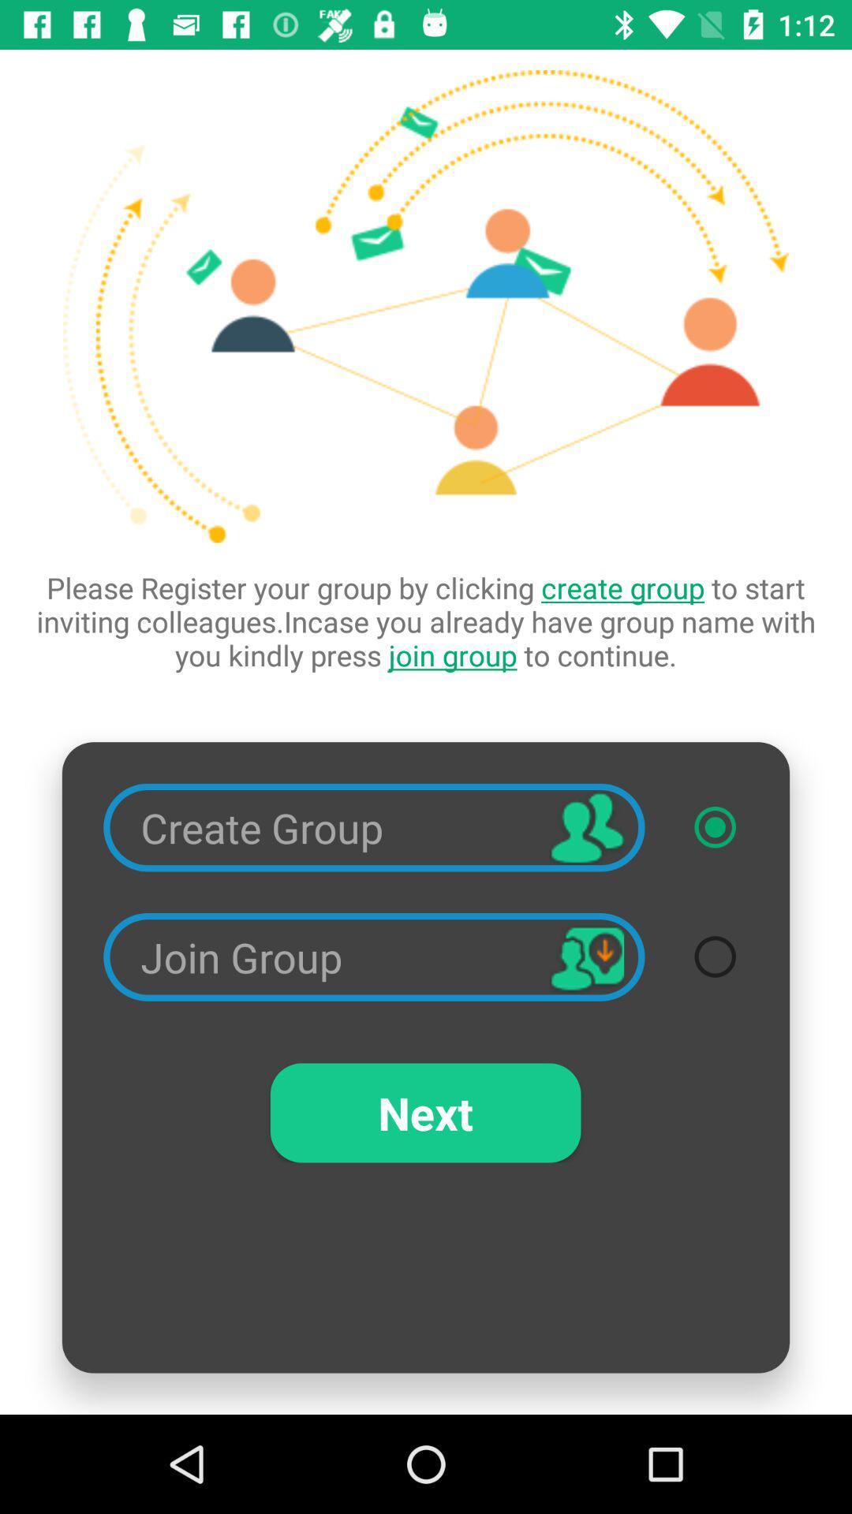 Image resolution: width=852 pixels, height=1514 pixels. What do you see at coordinates (715, 826) in the screenshot?
I see `this option` at bounding box center [715, 826].